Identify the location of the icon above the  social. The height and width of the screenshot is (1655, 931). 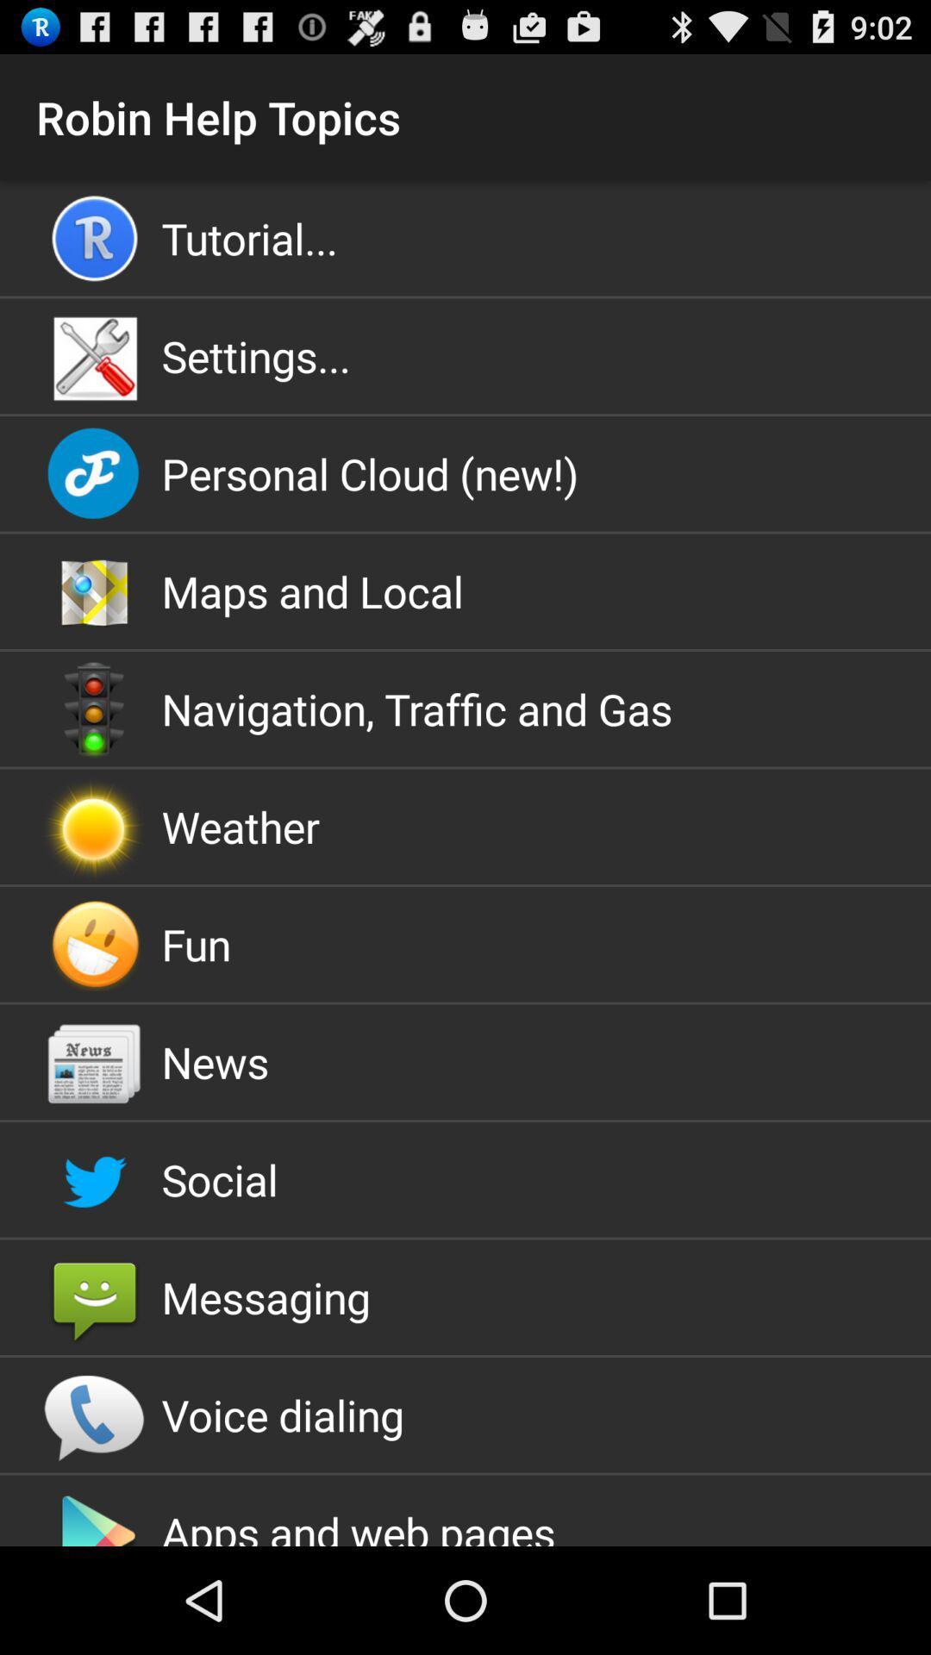
(465, 1061).